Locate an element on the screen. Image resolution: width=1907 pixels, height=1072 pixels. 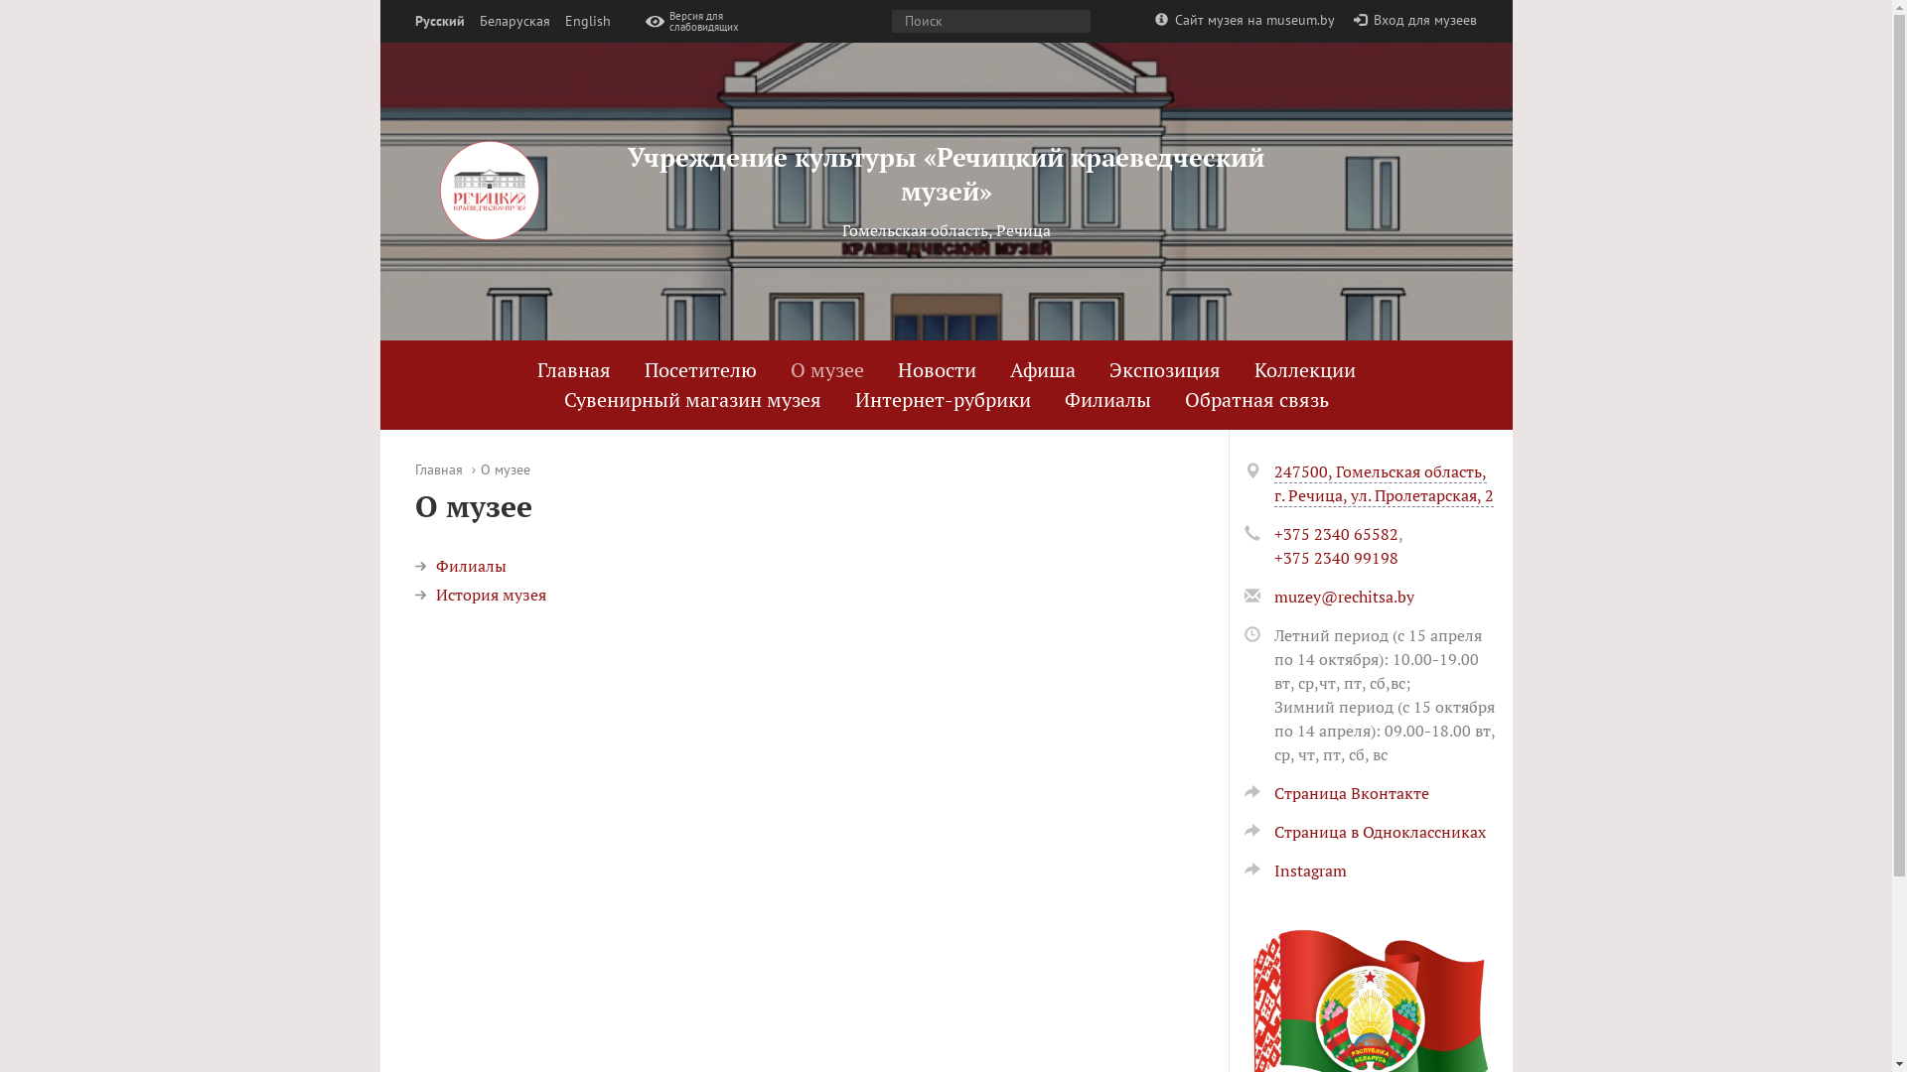
'English' is located at coordinates (585, 21).